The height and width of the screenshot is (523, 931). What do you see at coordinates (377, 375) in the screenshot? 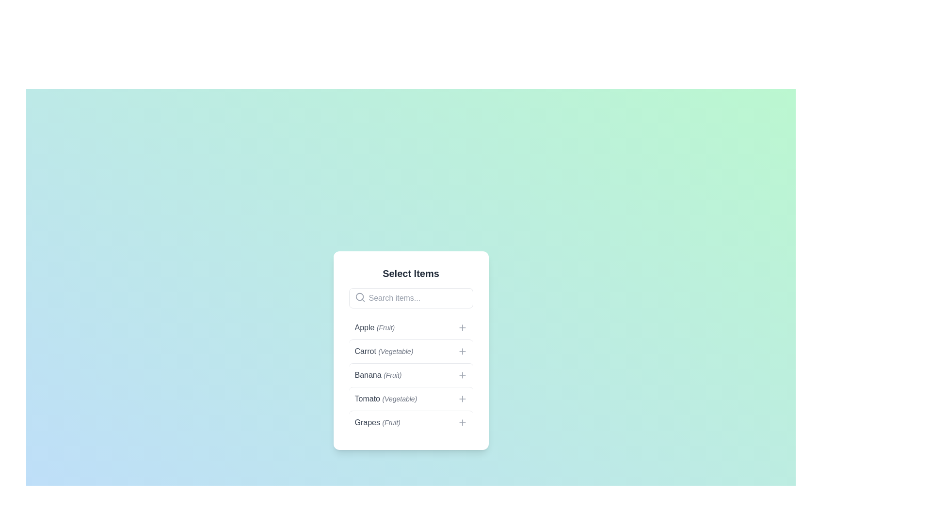
I see `the text label displaying 'Banana (Fruit)', which is the third item in a vertical list of items within a card-like layout` at bounding box center [377, 375].